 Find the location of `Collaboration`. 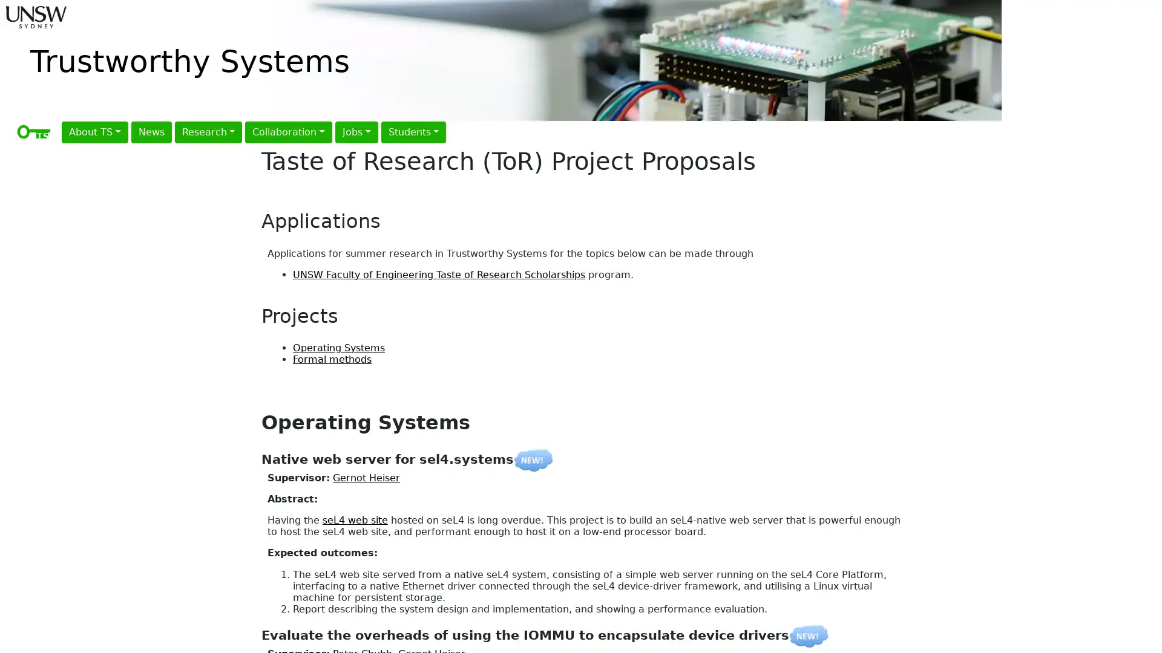

Collaboration is located at coordinates (287, 132).